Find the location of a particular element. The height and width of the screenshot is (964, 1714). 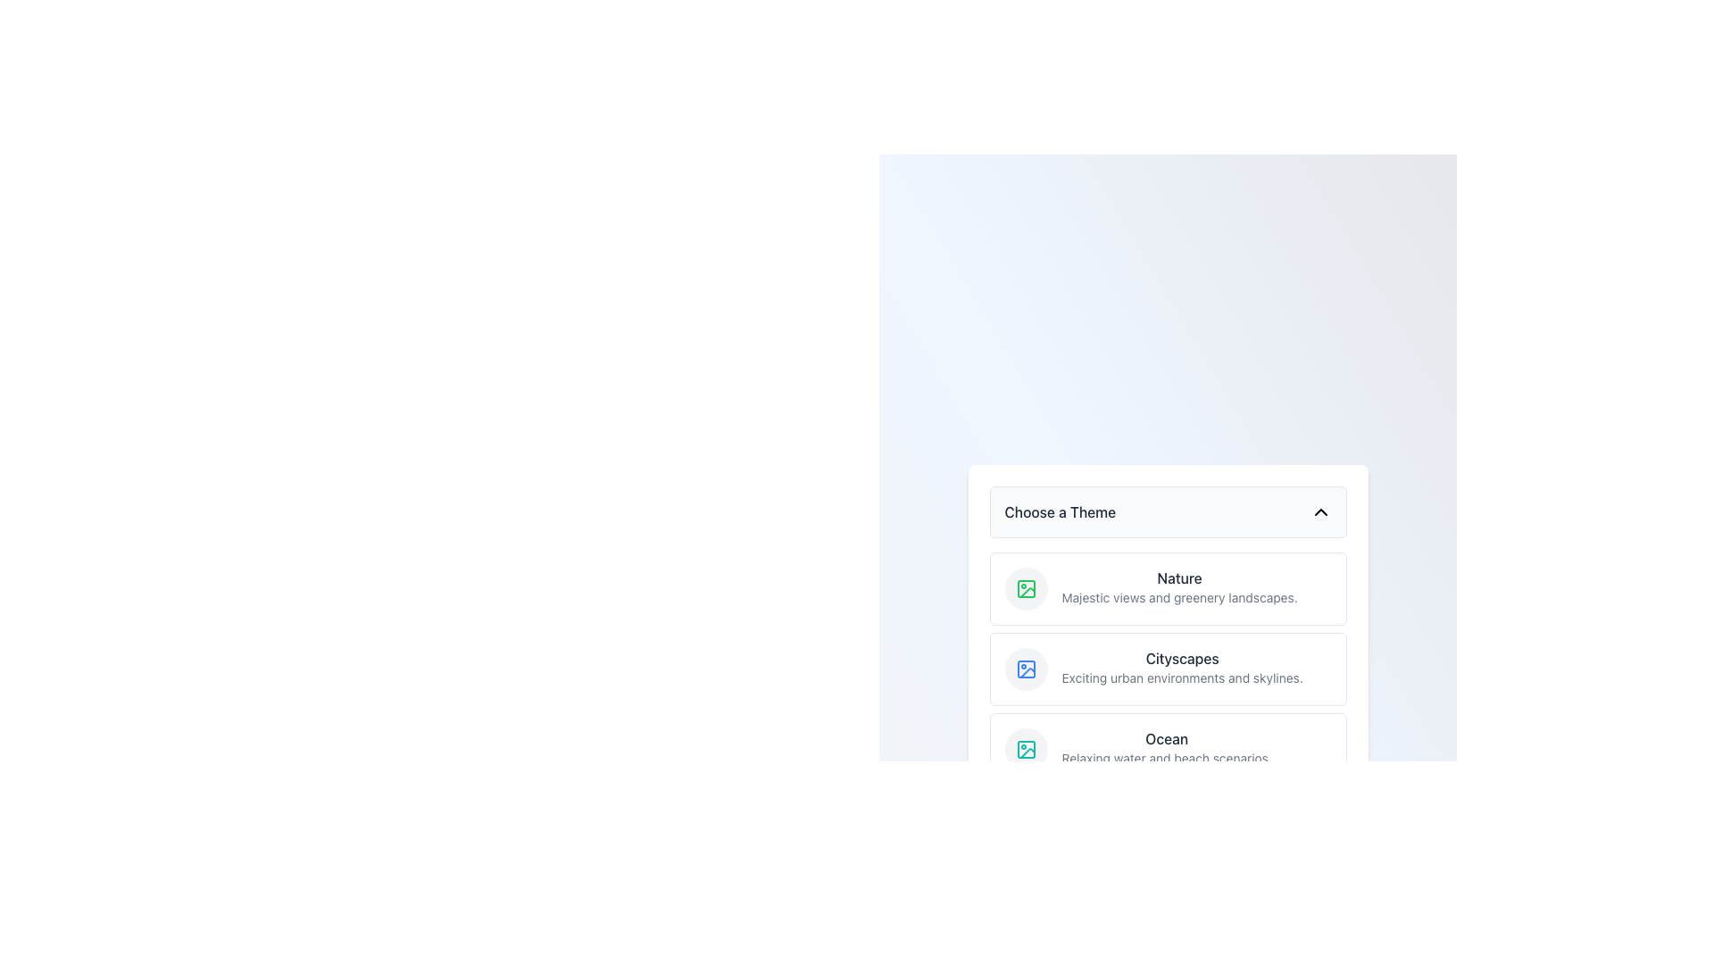

the first selectable list item labeled 'Nature' is located at coordinates (1179, 588).